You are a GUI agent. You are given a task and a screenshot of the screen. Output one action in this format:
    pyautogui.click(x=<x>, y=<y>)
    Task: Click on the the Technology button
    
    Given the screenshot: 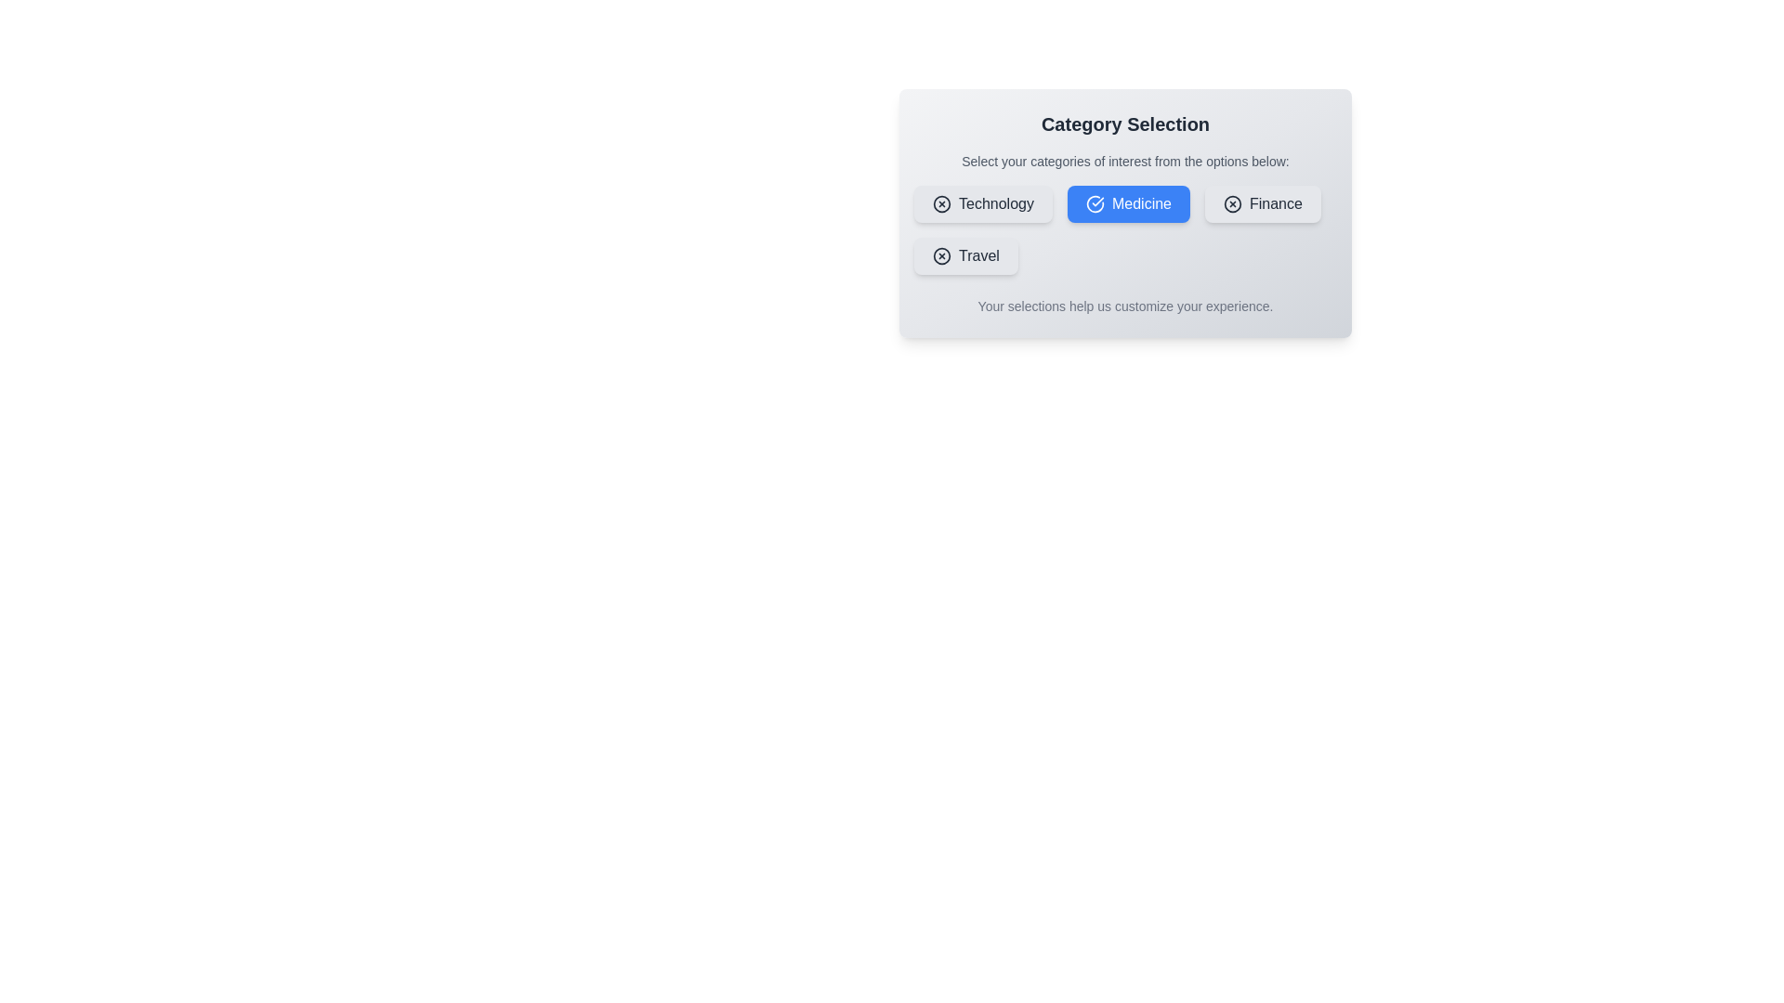 What is the action you would take?
    pyautogui.click(x=981, y=203)
    